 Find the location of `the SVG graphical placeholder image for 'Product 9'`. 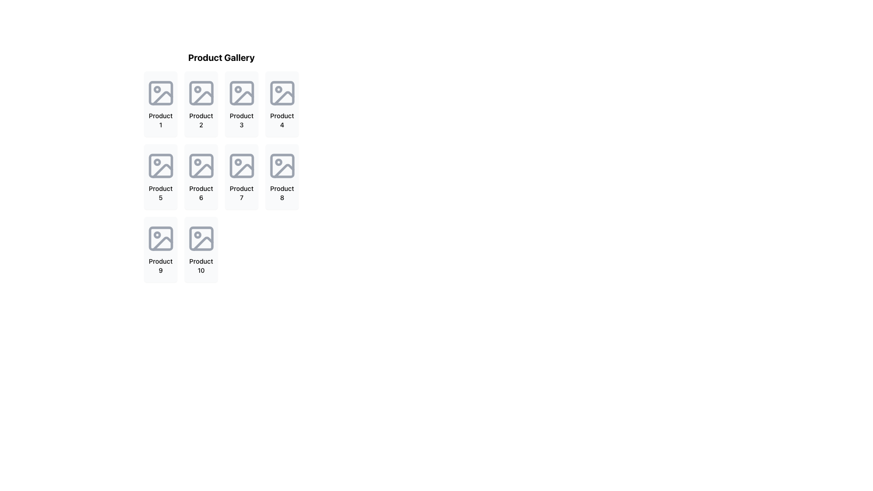

the SVG graphical placeholder image for 'Product 9' is located at coordinates (161, 238).